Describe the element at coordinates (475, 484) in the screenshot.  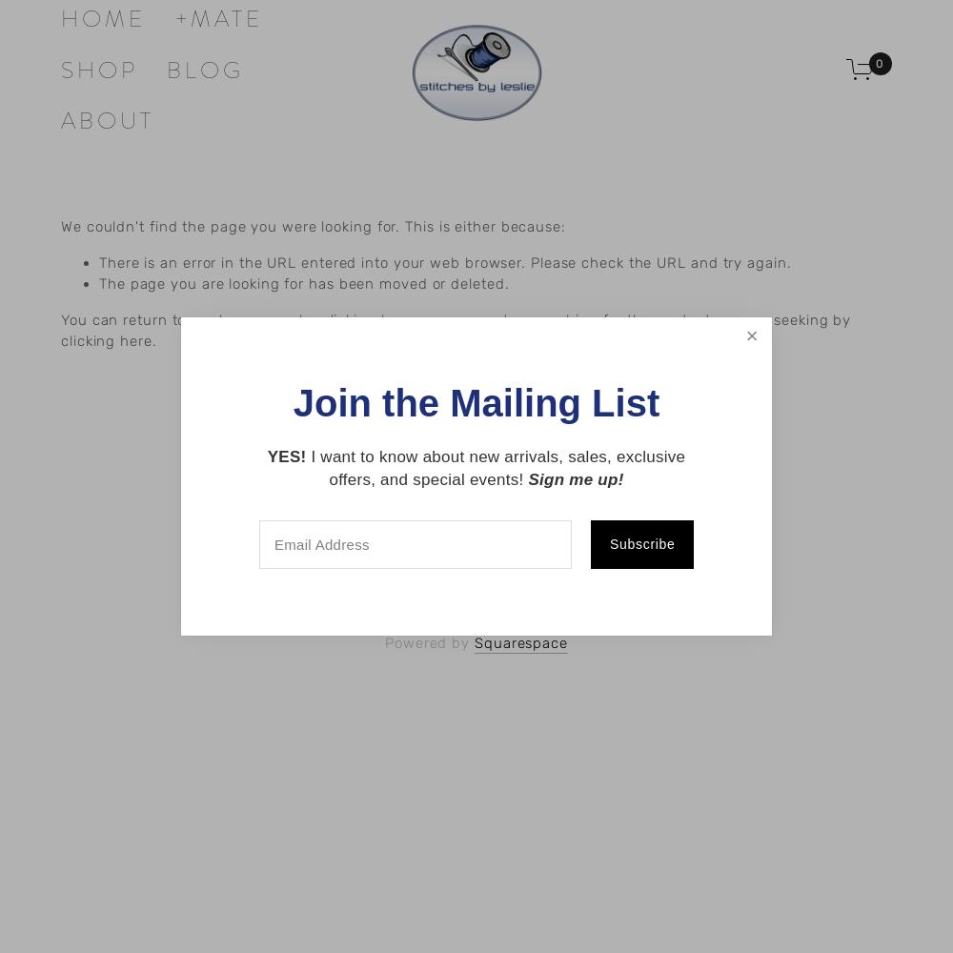
I see `'All 'Mate products are patent pending and trademark protected'` at that location.